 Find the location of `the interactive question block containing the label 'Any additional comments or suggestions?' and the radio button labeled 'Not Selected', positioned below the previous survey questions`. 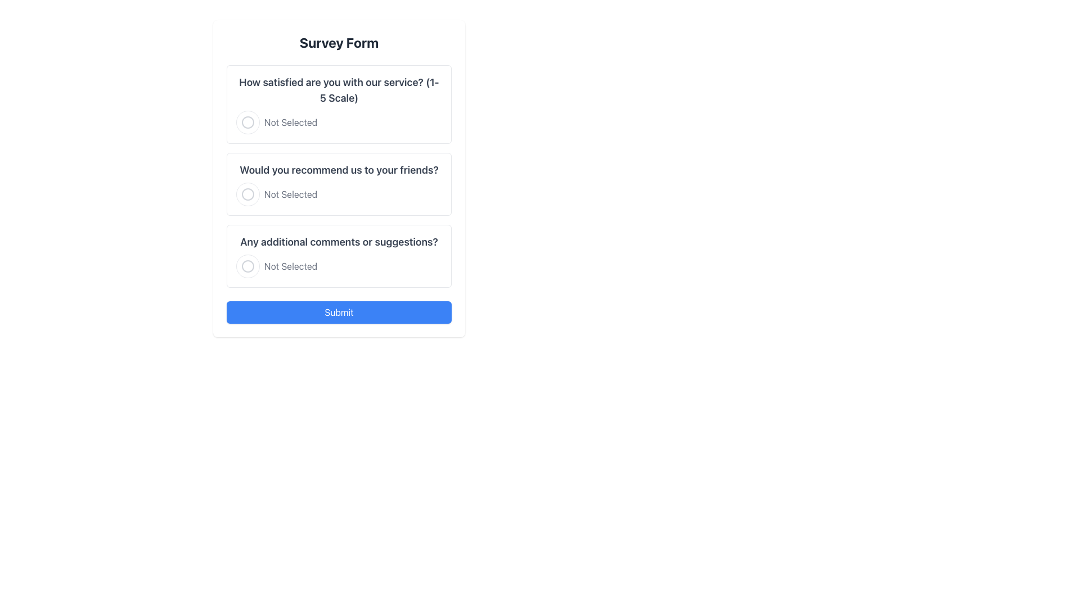

the interactive question block containing the label 'Any additional comments or suggestions?' and the radio button labeled 'Not Selected', positioned below the previous survey questions is located at coordinates (339, 256).